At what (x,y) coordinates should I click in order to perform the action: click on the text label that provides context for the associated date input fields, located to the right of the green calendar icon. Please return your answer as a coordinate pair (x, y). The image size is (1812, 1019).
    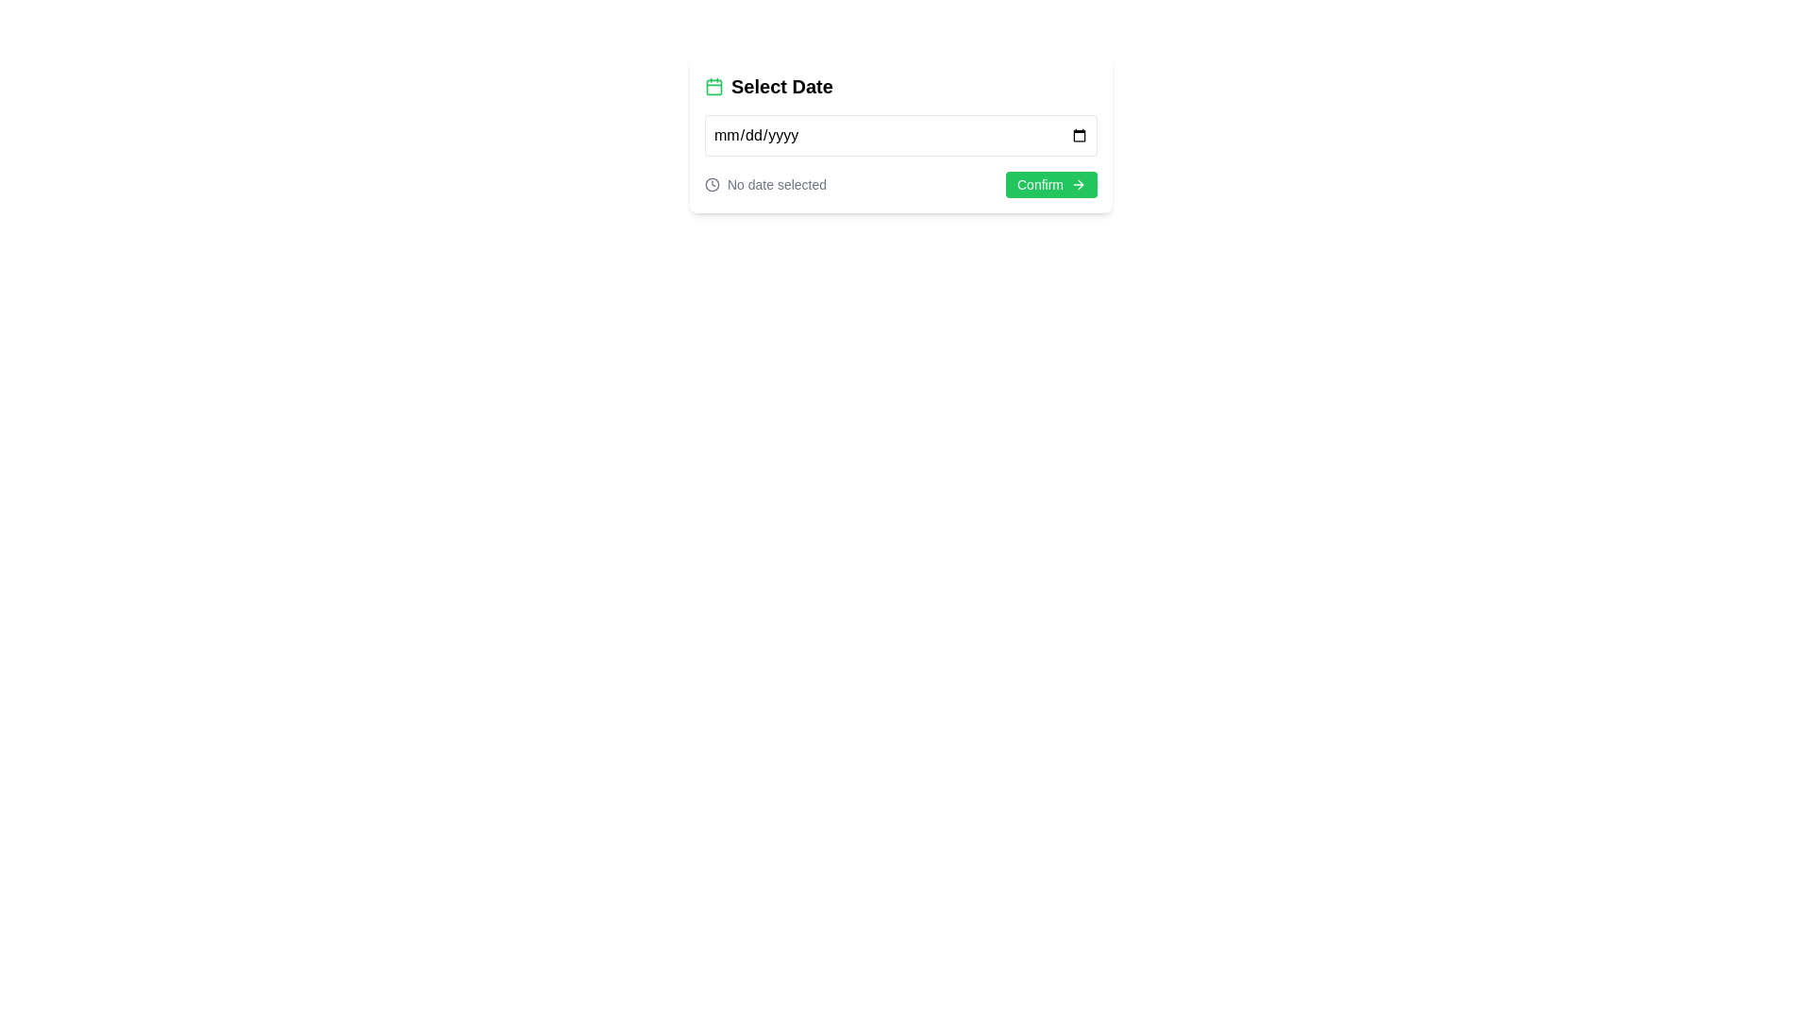
    Looking at the image, I should click on (781, 87).